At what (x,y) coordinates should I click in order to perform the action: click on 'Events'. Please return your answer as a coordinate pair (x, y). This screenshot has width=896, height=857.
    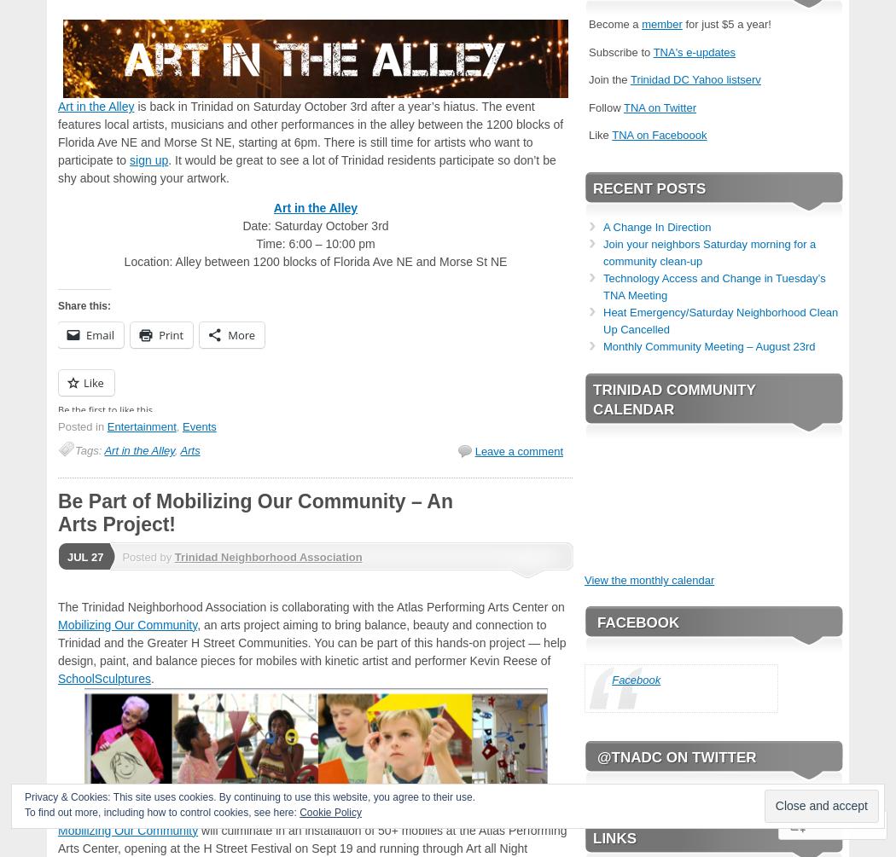
    Looking at the image, I should click on (199, 426).